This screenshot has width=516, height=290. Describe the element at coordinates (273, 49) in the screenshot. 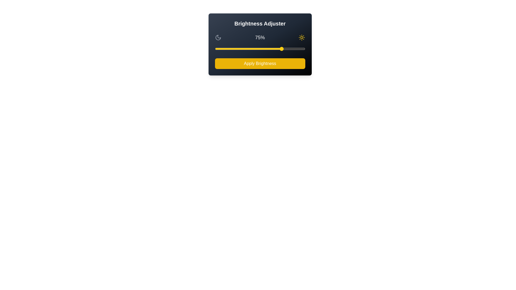

I see `the brightness slider to 65%` at that location.